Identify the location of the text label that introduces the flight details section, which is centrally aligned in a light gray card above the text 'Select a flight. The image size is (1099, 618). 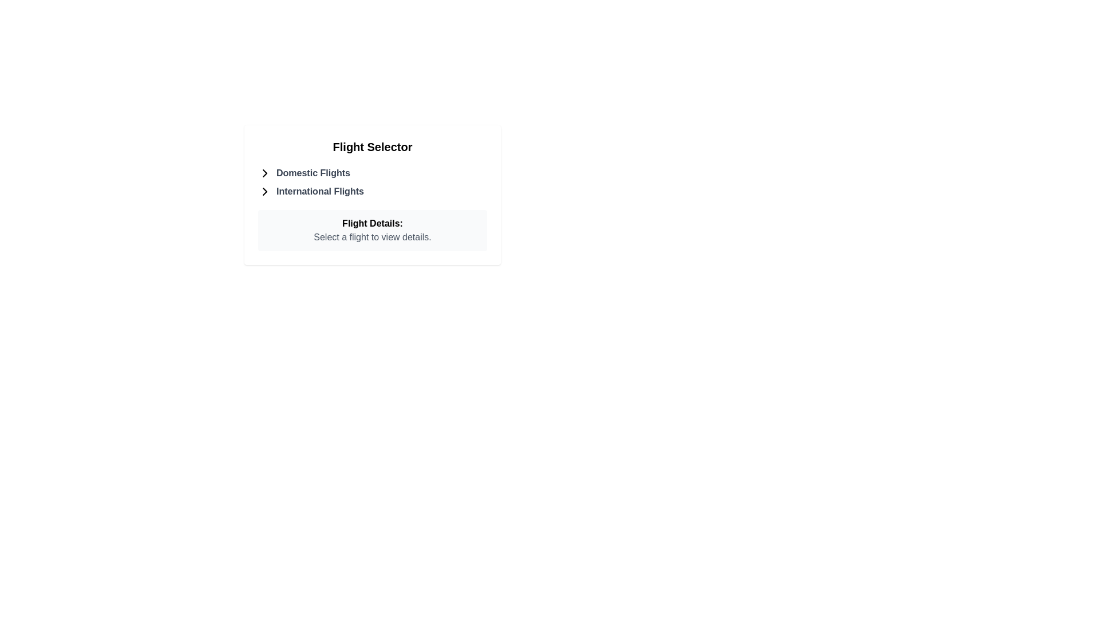
(373, 223).